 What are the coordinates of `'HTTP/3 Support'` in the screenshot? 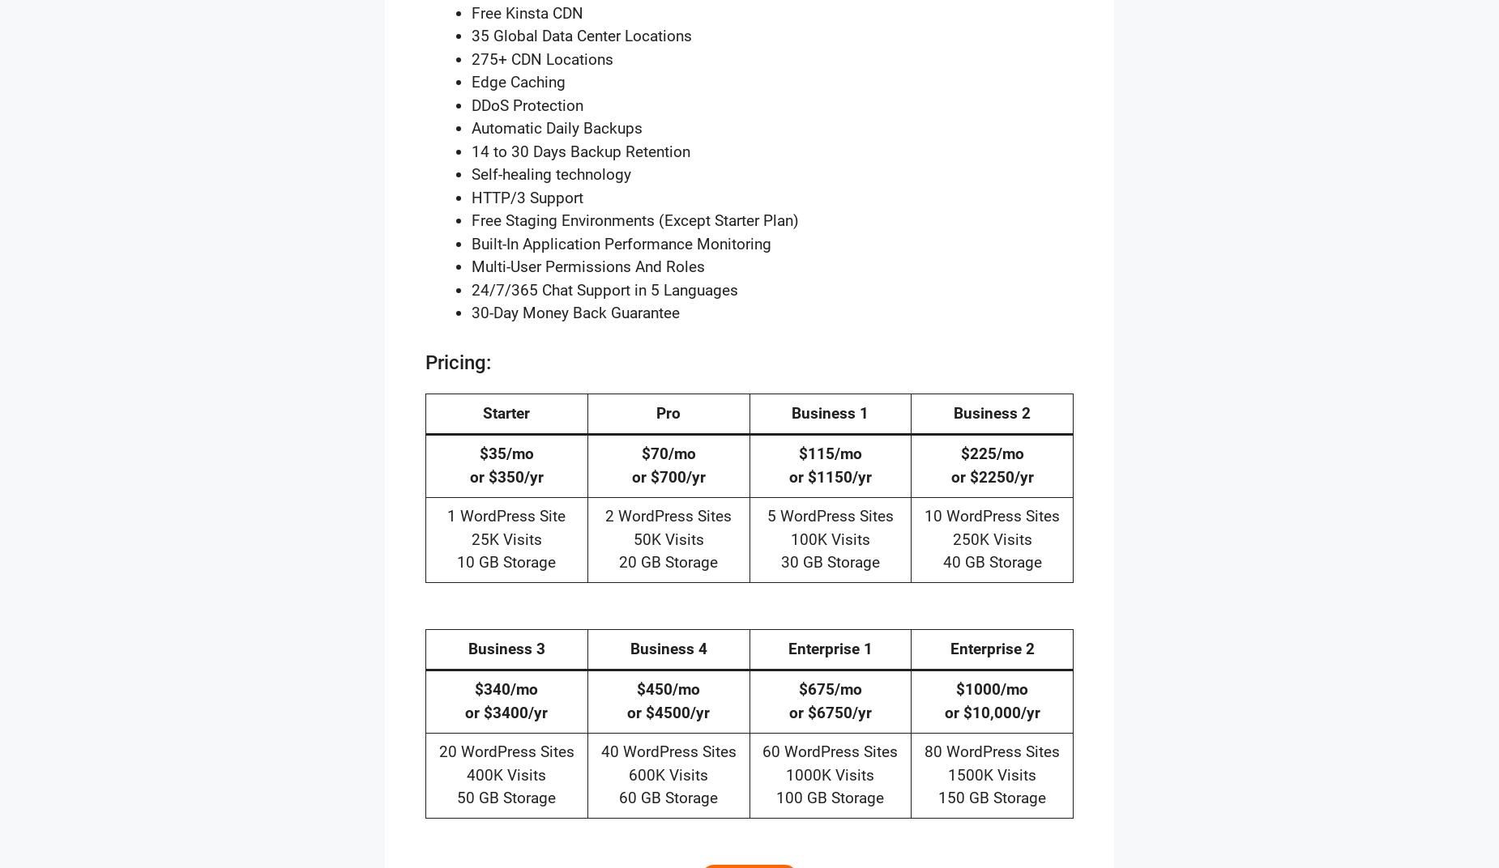 It's located at (527, 197).